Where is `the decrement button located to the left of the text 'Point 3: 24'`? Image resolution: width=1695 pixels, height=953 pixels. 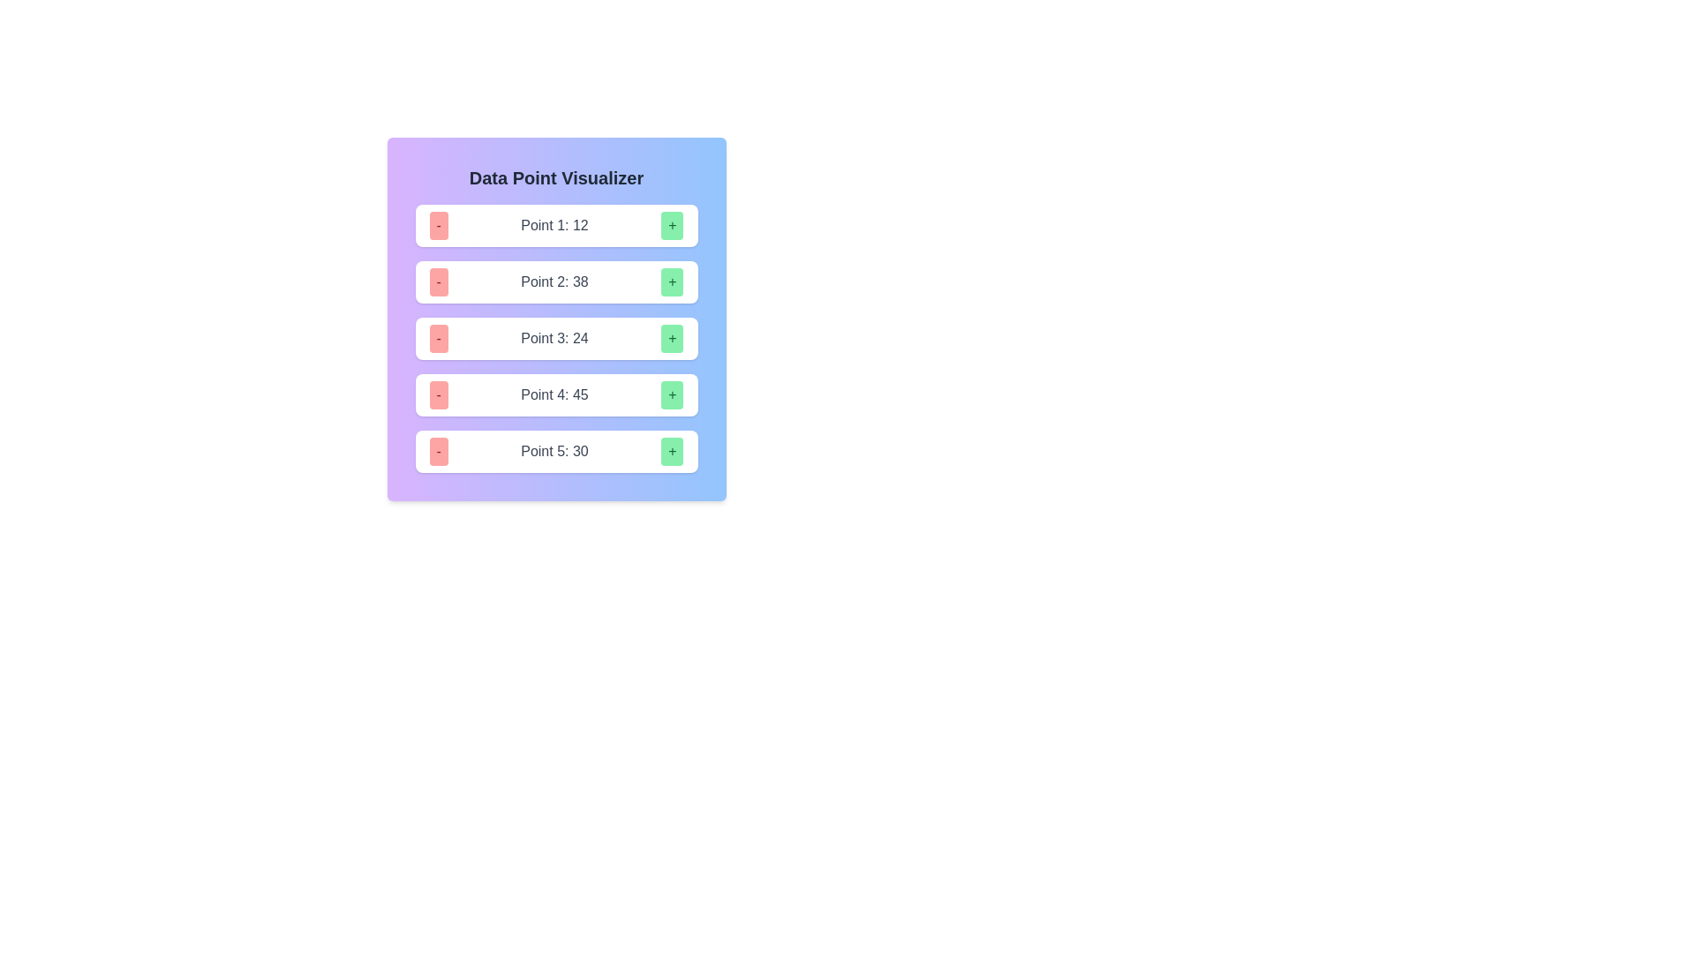
the decrement button located to the left of the text 'Point 3: 24' is located at coordinates (439, 339).